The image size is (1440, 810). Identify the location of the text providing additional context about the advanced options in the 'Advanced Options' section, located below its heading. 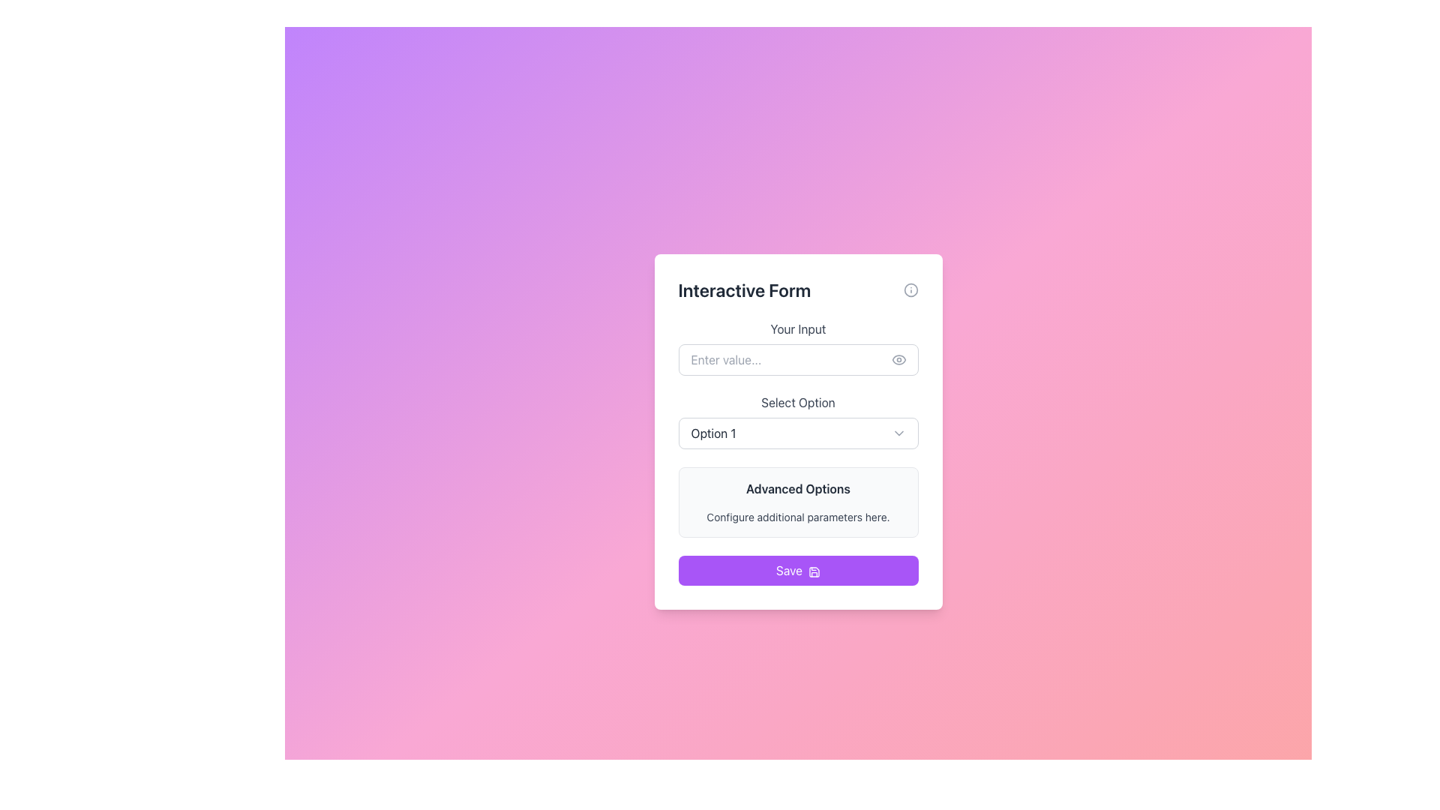
(797, 517).